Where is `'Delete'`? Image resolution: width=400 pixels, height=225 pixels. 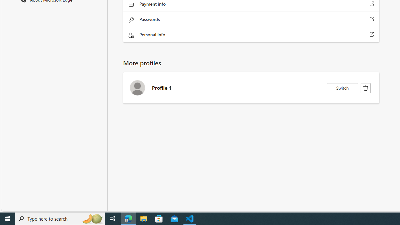
'Delete' is located at coordinates (366, 88).